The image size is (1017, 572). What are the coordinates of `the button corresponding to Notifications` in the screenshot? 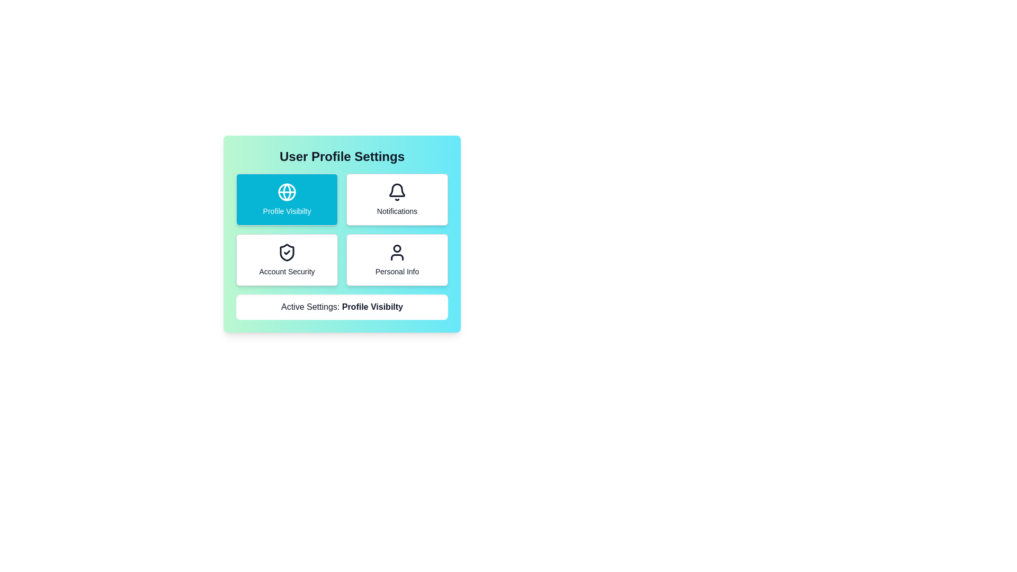 It's located at (396, 200).